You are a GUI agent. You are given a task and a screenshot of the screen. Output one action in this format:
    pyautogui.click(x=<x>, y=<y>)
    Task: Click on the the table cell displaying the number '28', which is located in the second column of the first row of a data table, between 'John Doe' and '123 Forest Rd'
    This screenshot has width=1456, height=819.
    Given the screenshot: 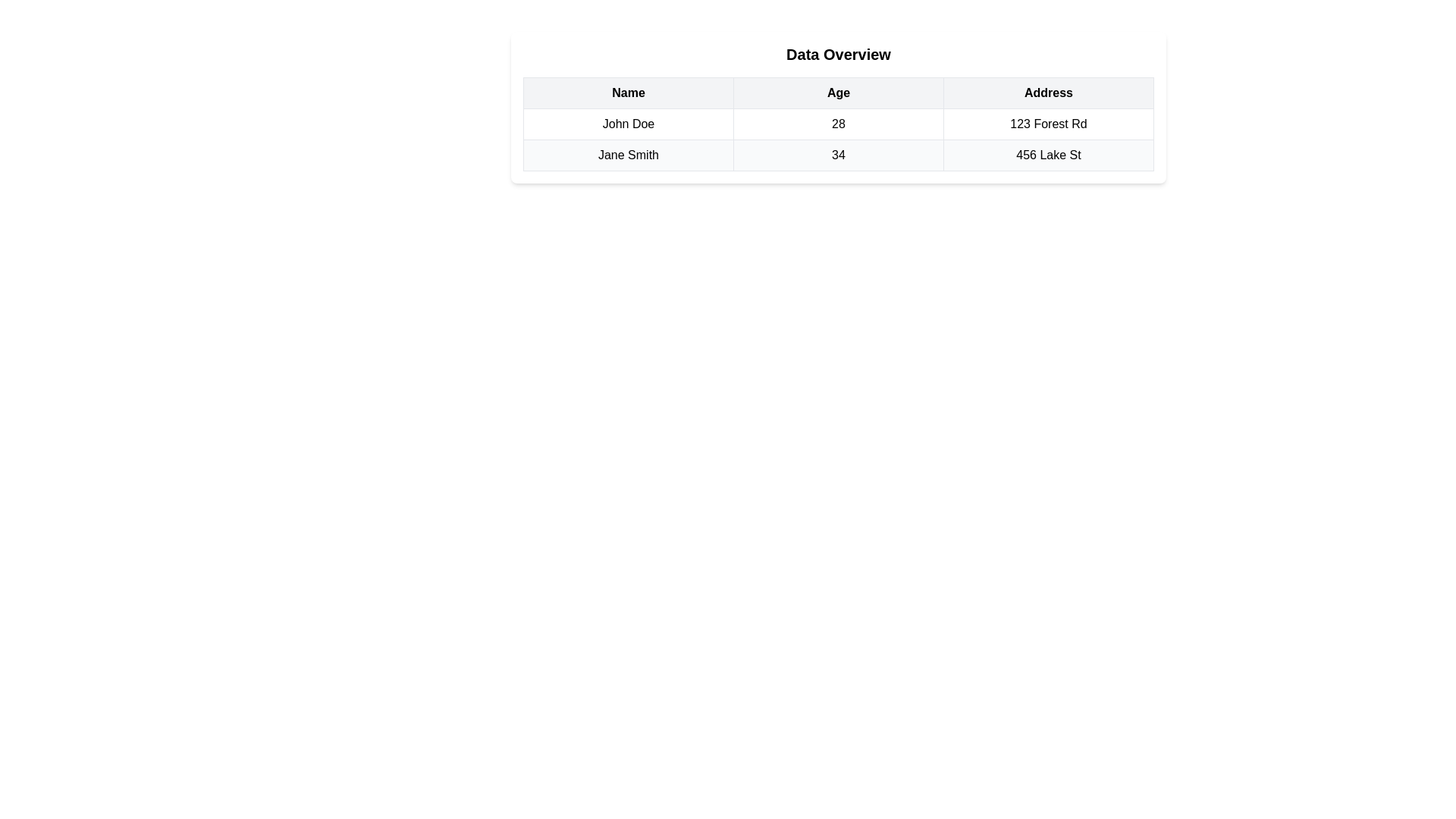 What is the action you would take?
    pyautogui.click(x=837, y=124)
    